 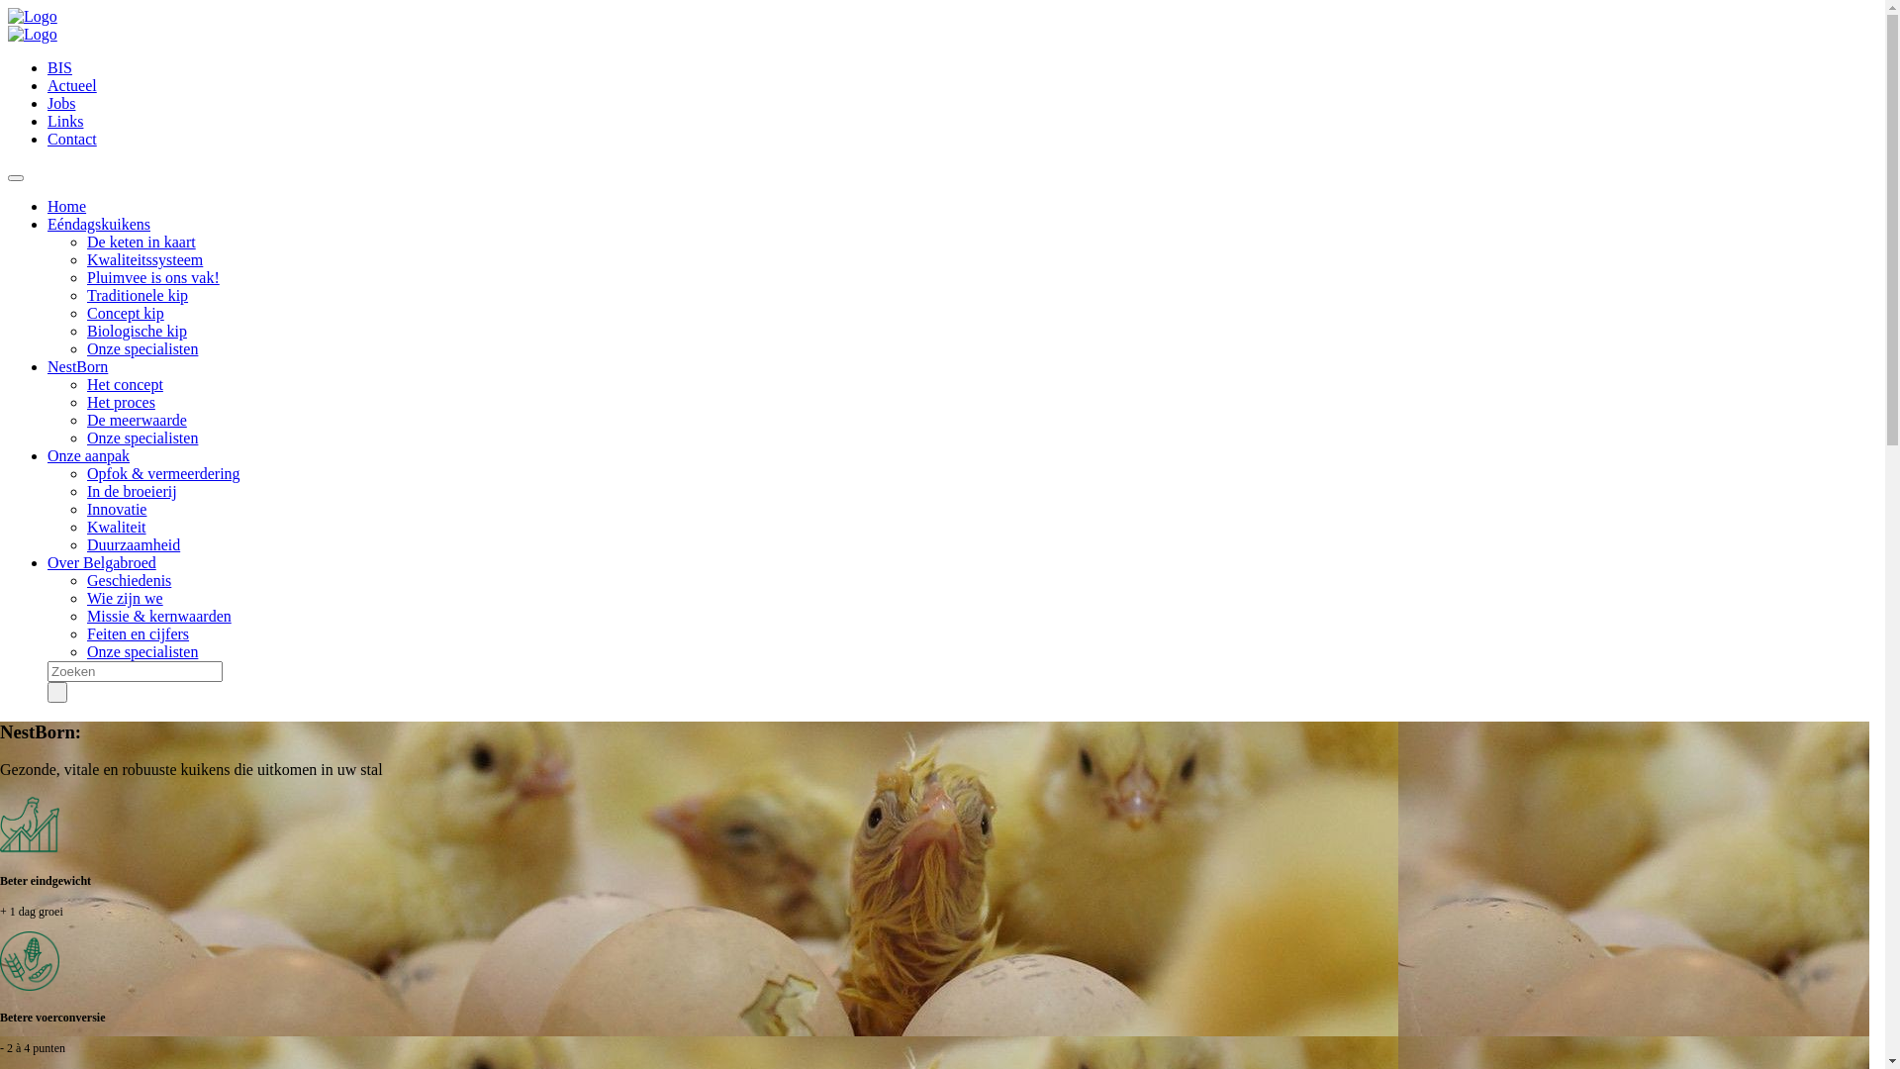 What do you see at coordinates (71, 138) in the screenshot?
I see `'Contact'` at bounding box center [71, 138].